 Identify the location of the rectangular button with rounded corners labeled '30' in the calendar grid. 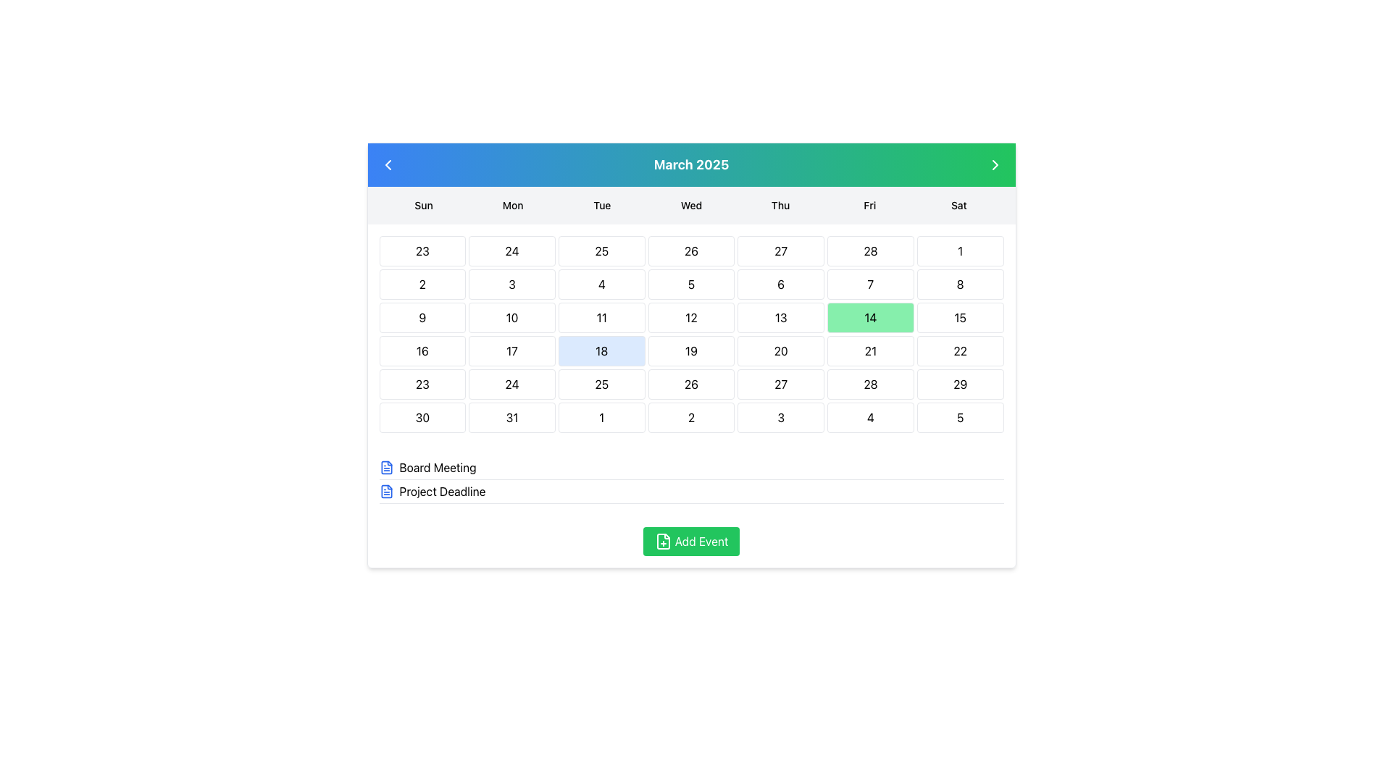
(422, 418).